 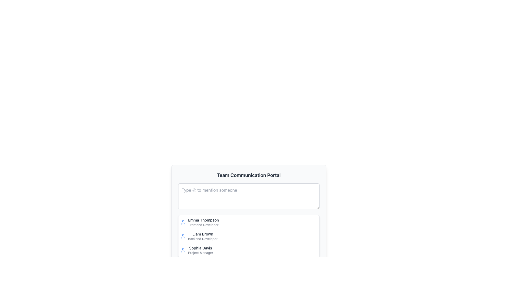 What do you see at coordinates (183, 250) in the screenshot?
I see `the user profile icon located to the left of the 'Sophia Davis' label and the 'Project Manager' description in the user list, which serves as an indicator for user identity` at bounding box center [183, 250].